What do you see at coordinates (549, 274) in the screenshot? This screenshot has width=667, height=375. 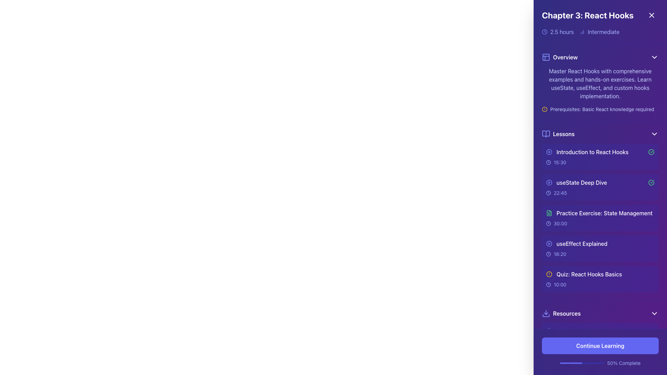 I see `the circular SVG element representing the warning icon associated with the 'Quiz: React Hooks Basics' entry in the sidebar module` at bounding box center [549, 274].